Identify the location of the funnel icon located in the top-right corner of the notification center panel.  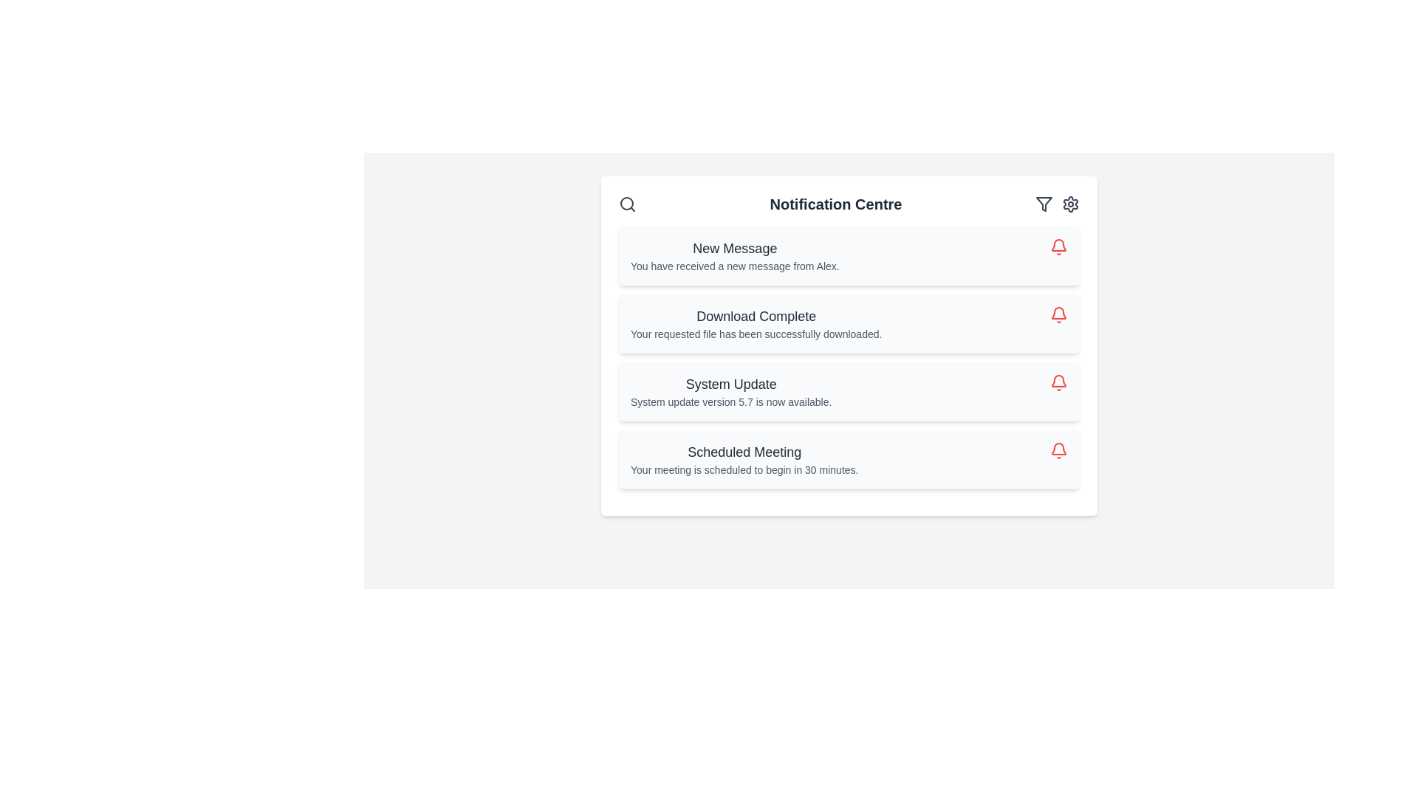
(1044, 204).